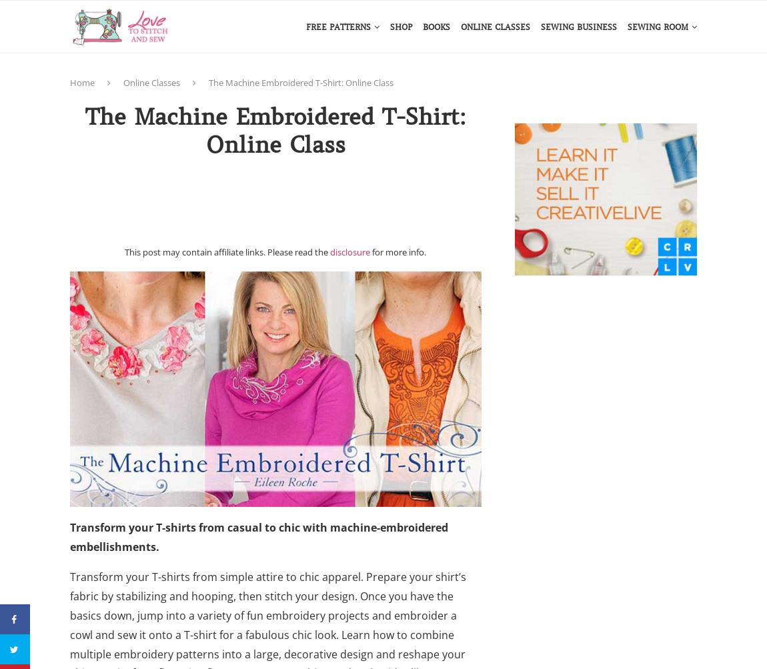 The image size is (767, 669). I want to click on 'Books', so click(422, 27).